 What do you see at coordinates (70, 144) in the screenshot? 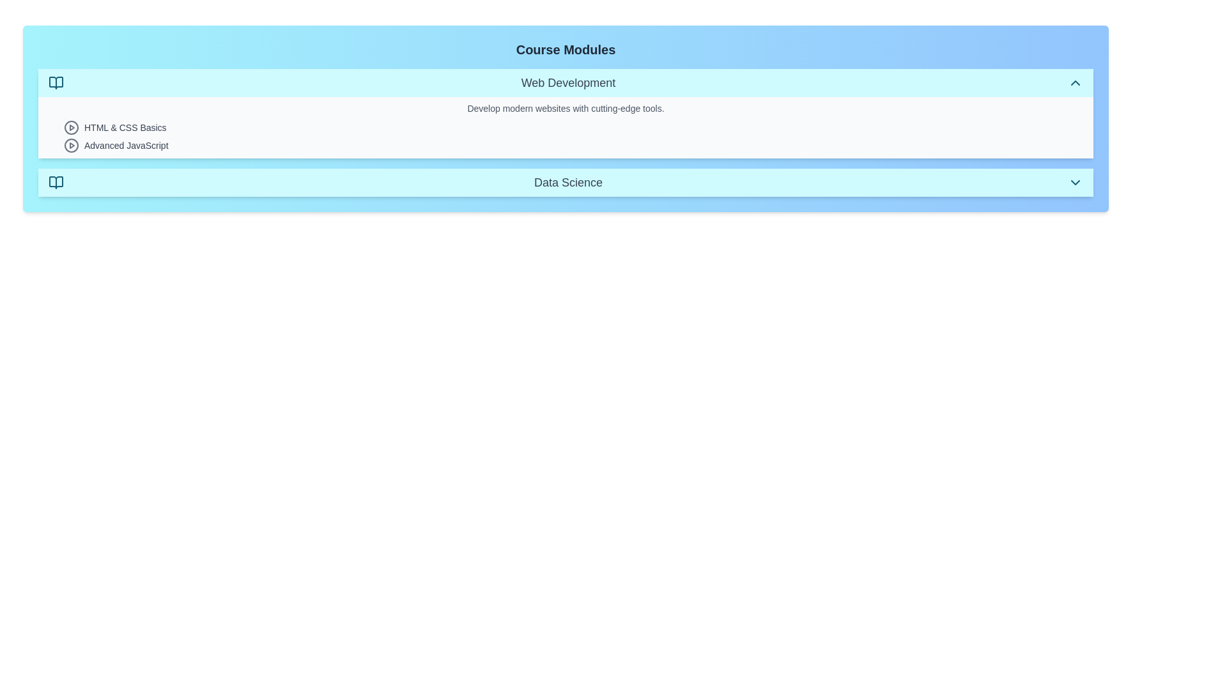
I see `the play button icon, which is a gray circular button with a right-pointing triangular play symbol, located to the left of the 'Advanced JavaScript' label in the 'Web Development' section` at bounding box center [70, 144].